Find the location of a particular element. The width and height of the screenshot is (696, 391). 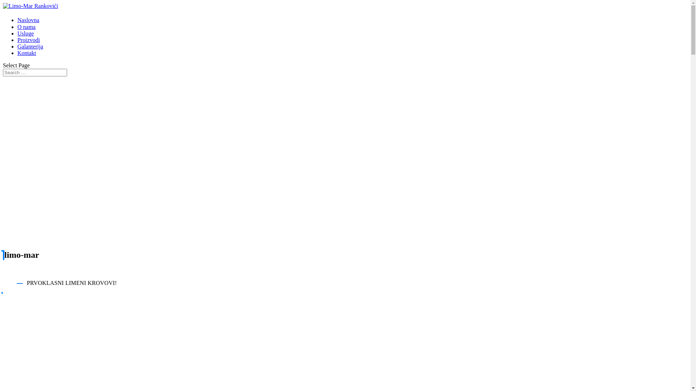

'Usluge' is located at coordinates (25, 33).